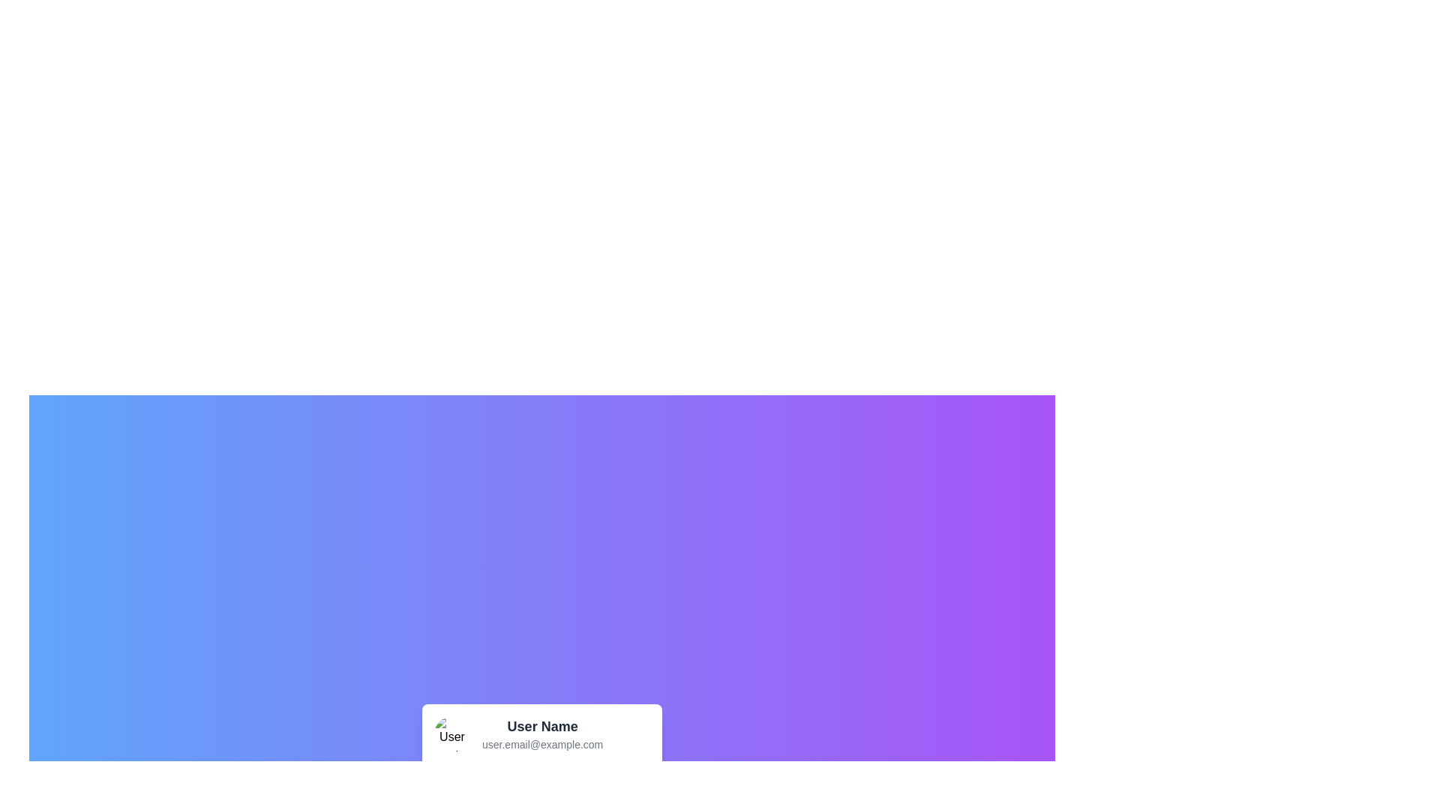 The width and height of the screenshot is (1440, 810). Describe the element at coordinates (541, 725) in the screenshot. I see `the text label that identifies the logged-in user's name, located at the bottom center of the interface above the email address` at that location.